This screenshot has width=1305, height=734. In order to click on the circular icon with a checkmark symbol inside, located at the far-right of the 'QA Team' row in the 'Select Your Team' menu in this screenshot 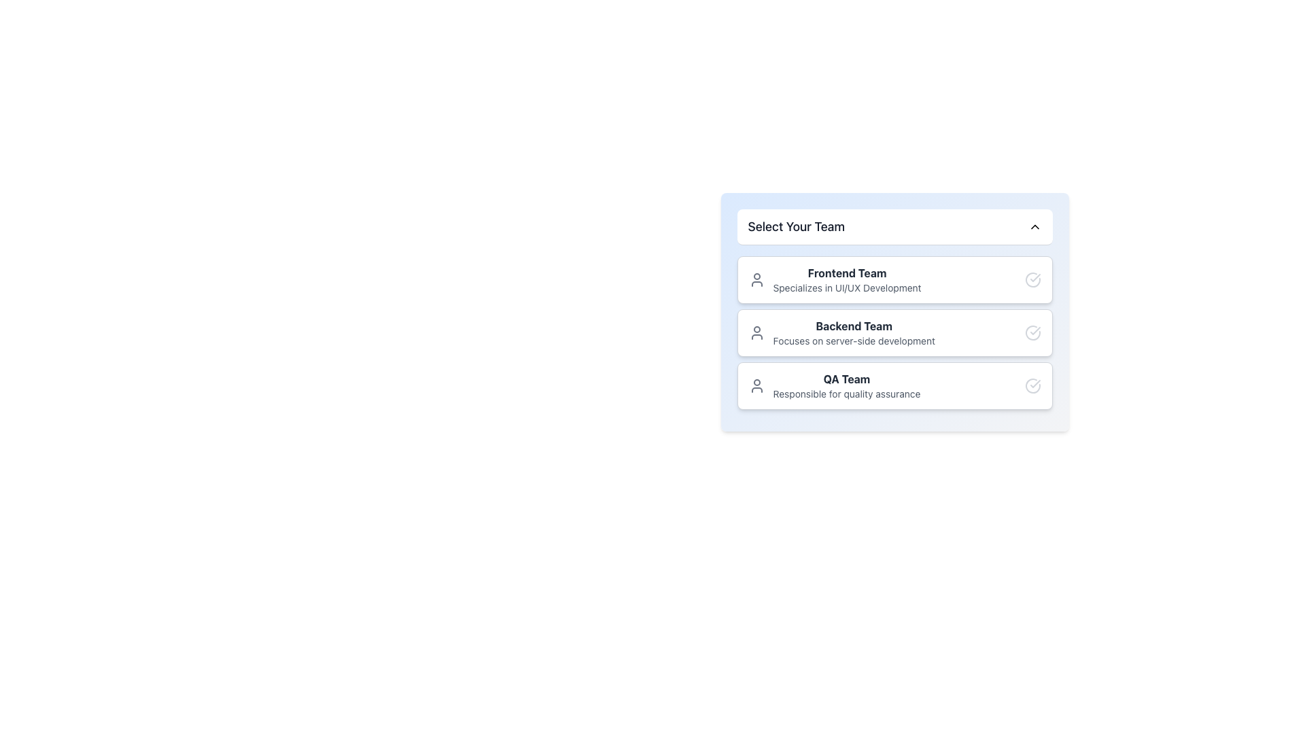, I will do `click(1032, 385)`.